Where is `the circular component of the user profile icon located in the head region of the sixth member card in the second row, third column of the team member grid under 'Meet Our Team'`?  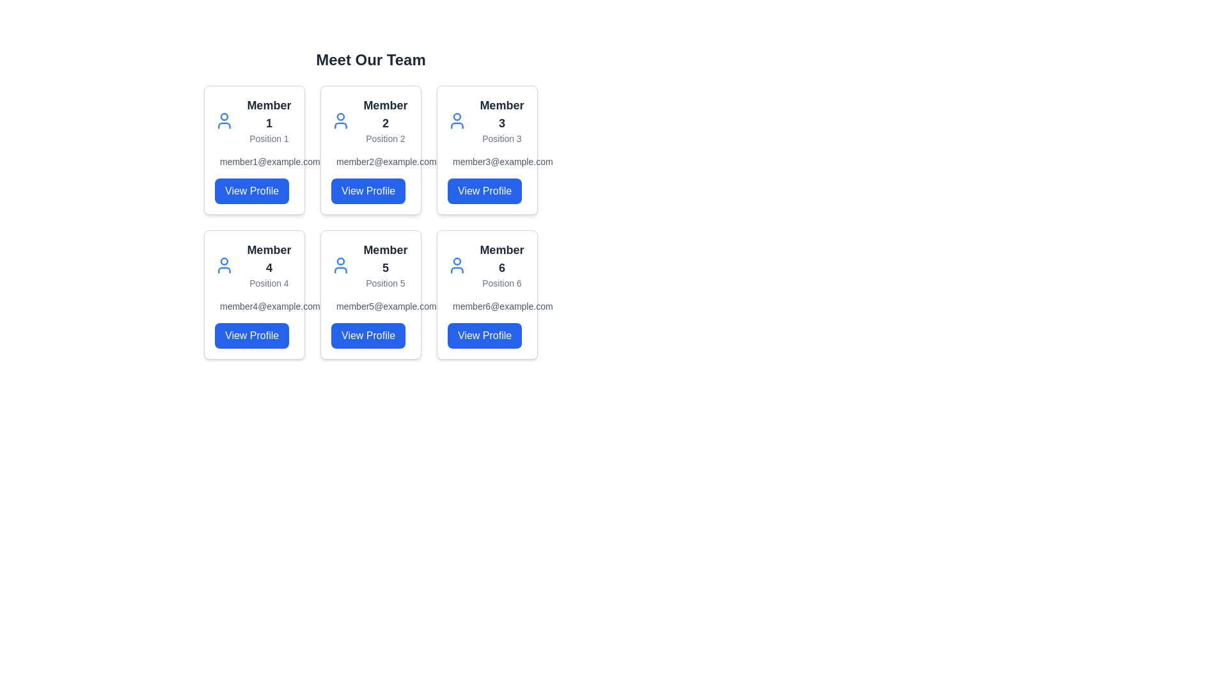 the circular component of the user profile icon located in the head region of the sixth member card in the second row, third column of the team member grid under 'Meet Our Team' is located at coordinates (457, 260).